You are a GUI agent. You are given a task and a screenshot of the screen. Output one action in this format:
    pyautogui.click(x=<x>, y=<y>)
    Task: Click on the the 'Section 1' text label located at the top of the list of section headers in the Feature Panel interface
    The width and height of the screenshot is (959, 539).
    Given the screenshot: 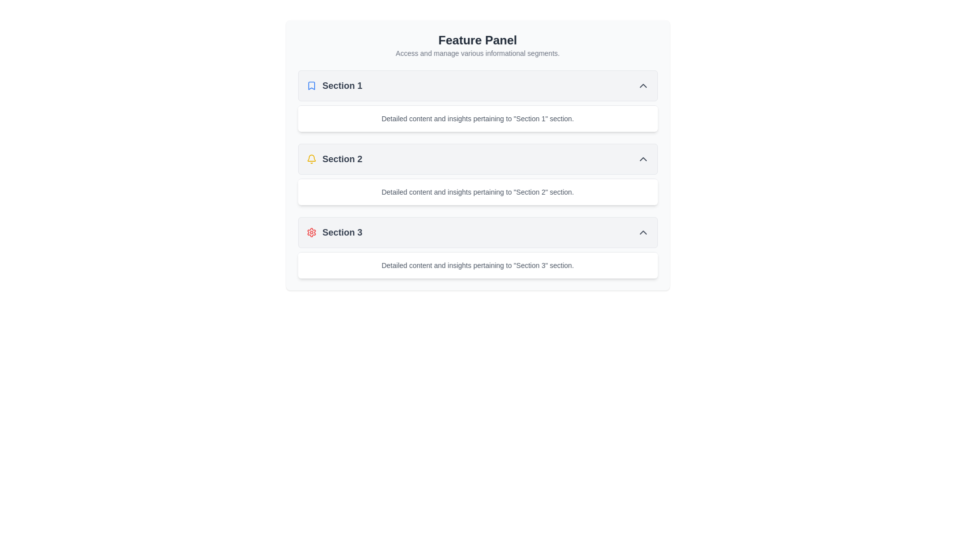 What is the action you would take?
    pyautogui.click(x=342, y=85)
    